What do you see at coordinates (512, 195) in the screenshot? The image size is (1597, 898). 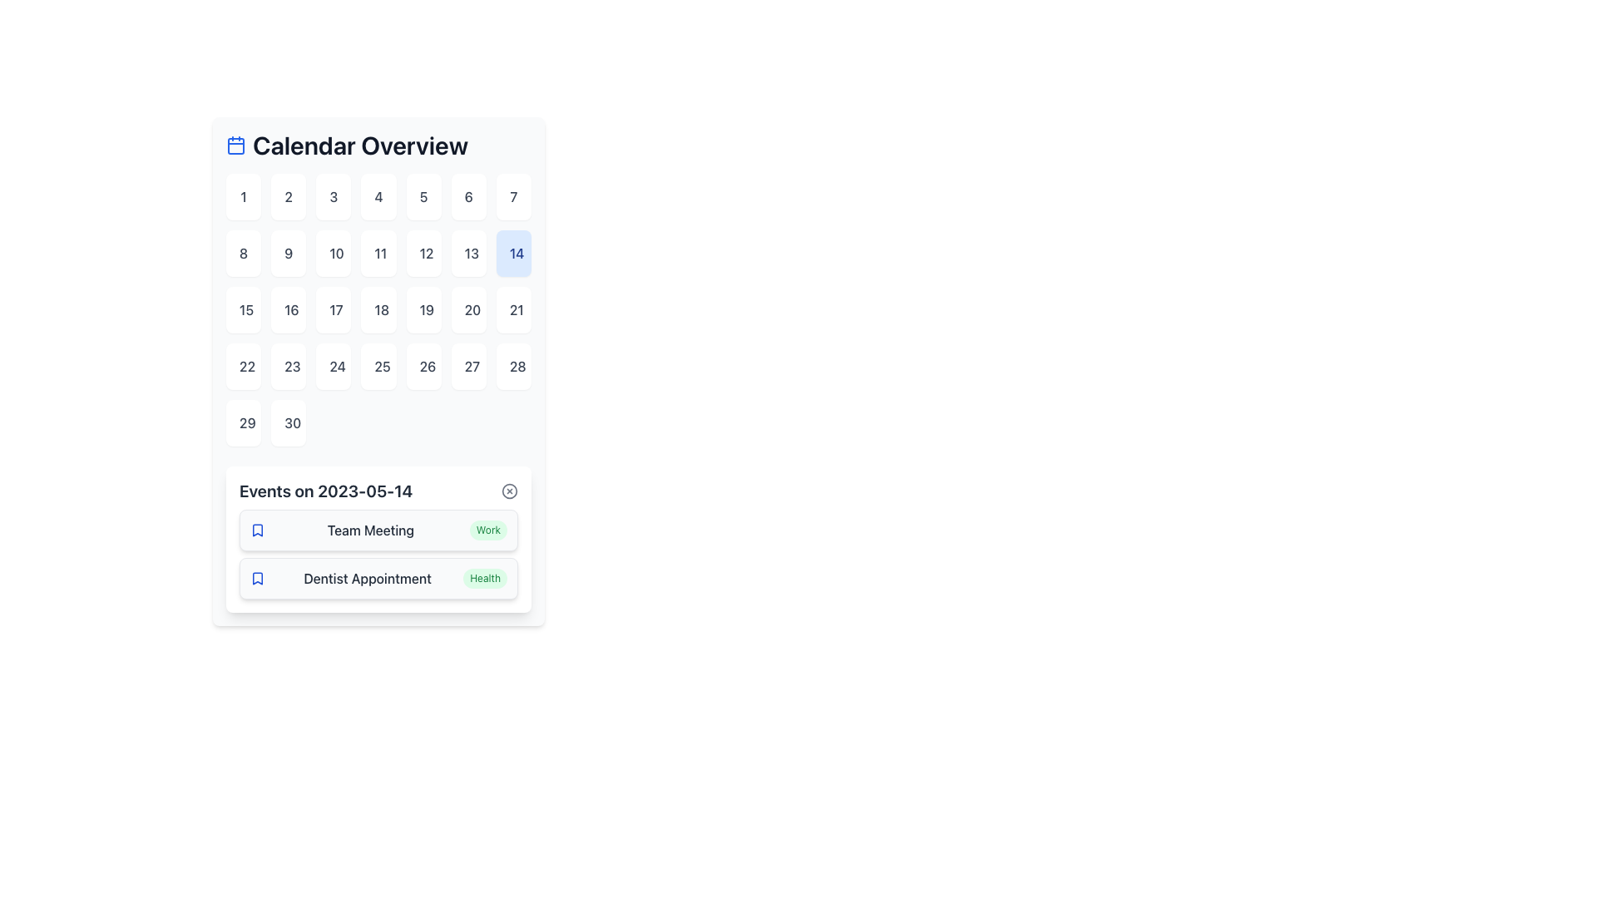 I see `the button displaying '7' in a bold font within a white rounded rectangle located in the first row, seventh column of the calendar grid` at bounding box center [512, 195].